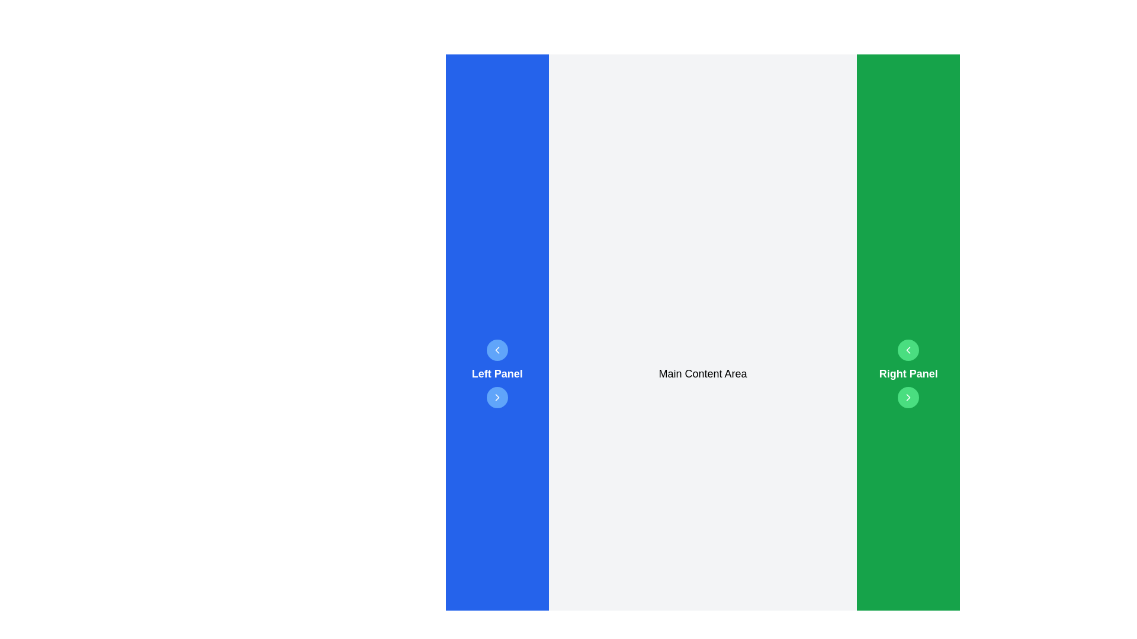 The width and height of the screenshot is (1137, 639). What do you see at coordinates (497, 397) in the screenshot?
I see `the icon-based button located in the blue vertical panel to enable keyboard navigation for scrolling content to the right` at bounding box center [497, 397].